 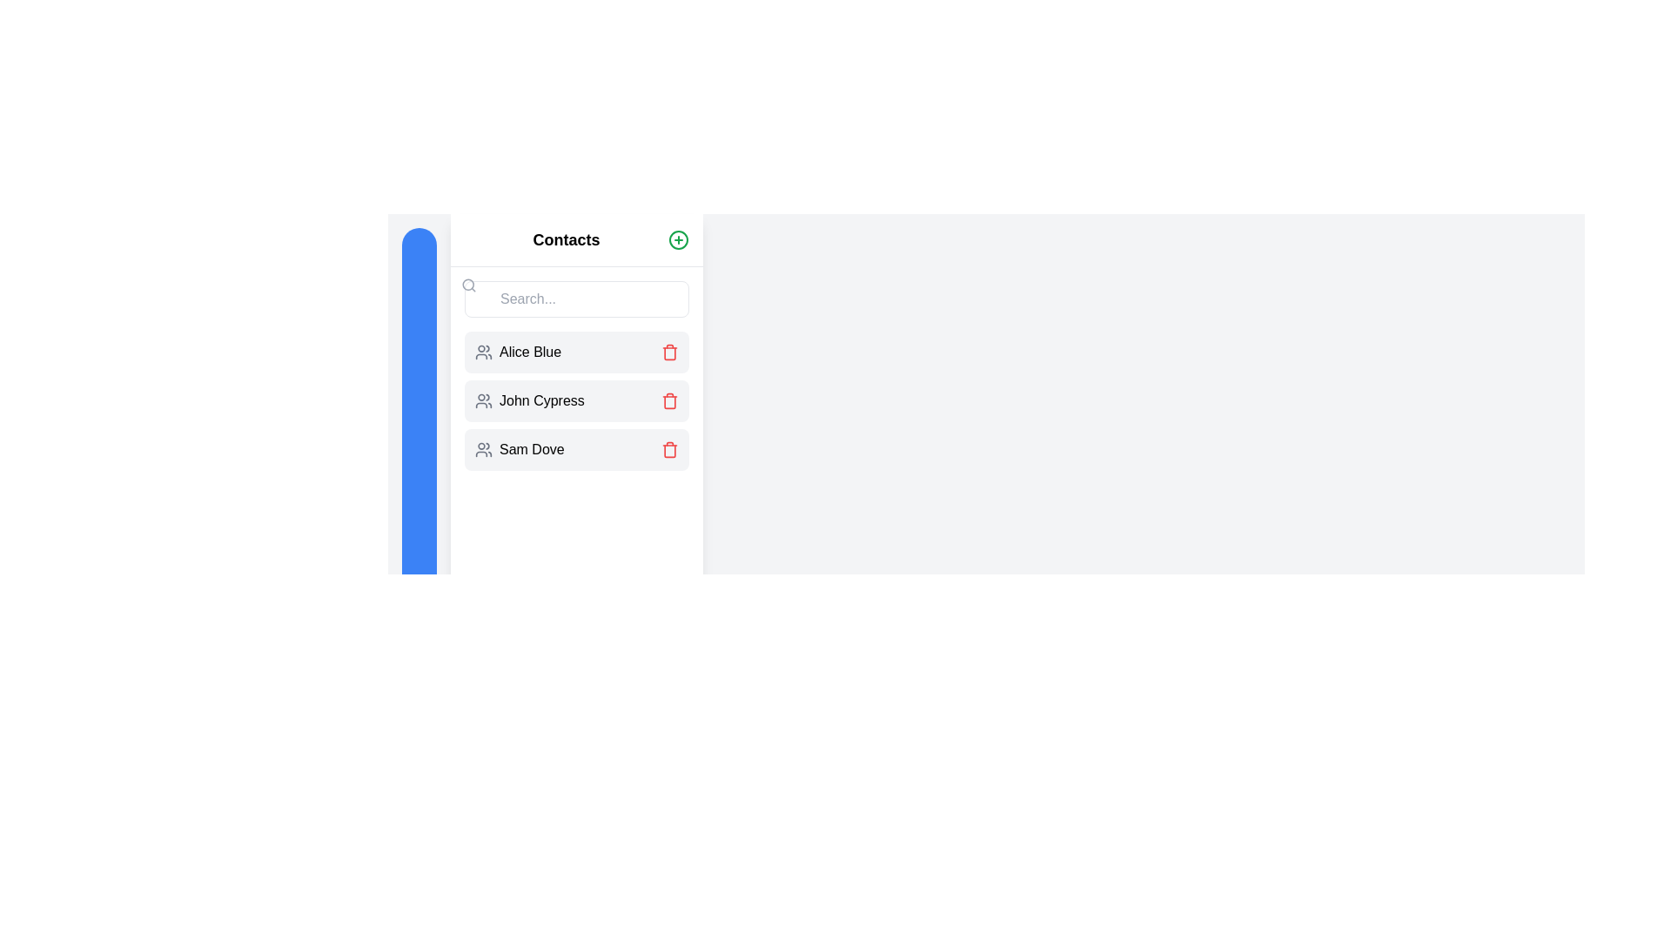 I want to click on the red trash icon, which is styled as a miniature trash bin and located to the far-right of the 'Sam Dove' entry row, so click(x=668, y=448).